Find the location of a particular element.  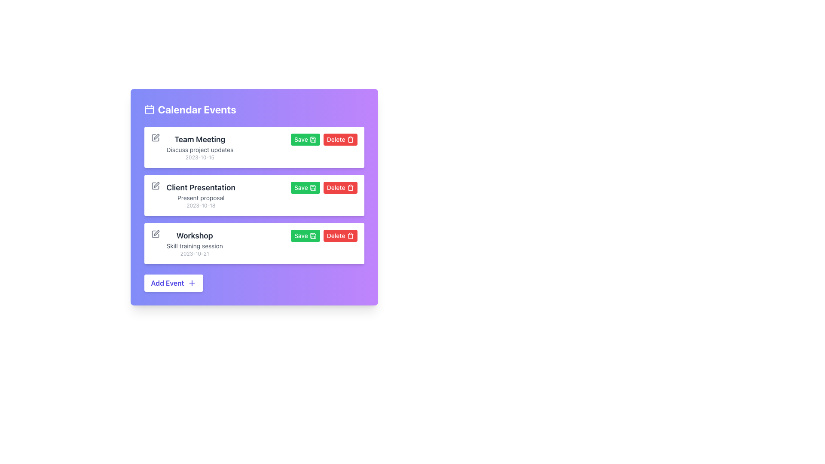

the static text element displaying 'Discuss project updates', which is positioned between the title 'Team Meeting' and the date '2023-10-15' is located at coordinates (199, 149).